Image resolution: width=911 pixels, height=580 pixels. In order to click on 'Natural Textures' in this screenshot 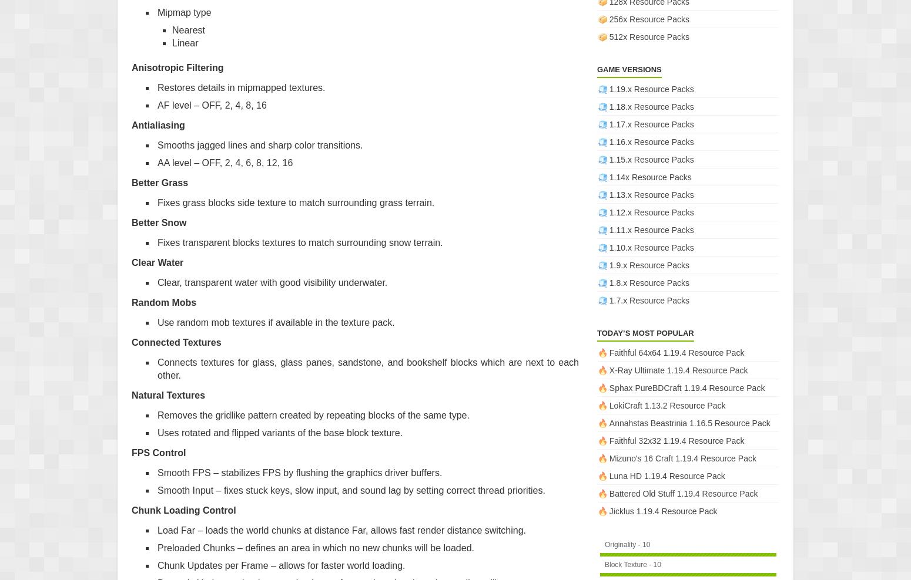, I will do `click(168, 394)`.